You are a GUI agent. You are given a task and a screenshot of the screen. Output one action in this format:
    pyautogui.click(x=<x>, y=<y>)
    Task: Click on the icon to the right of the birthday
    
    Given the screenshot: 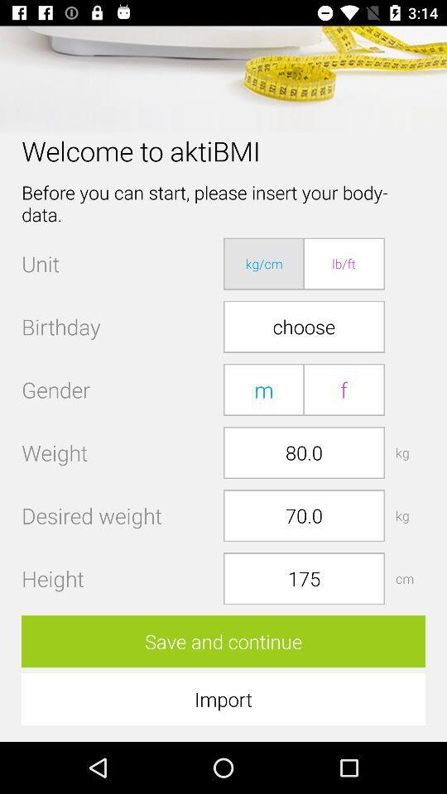 What is the action you would take?
    pyautogui.click(x=303, y=326)
    